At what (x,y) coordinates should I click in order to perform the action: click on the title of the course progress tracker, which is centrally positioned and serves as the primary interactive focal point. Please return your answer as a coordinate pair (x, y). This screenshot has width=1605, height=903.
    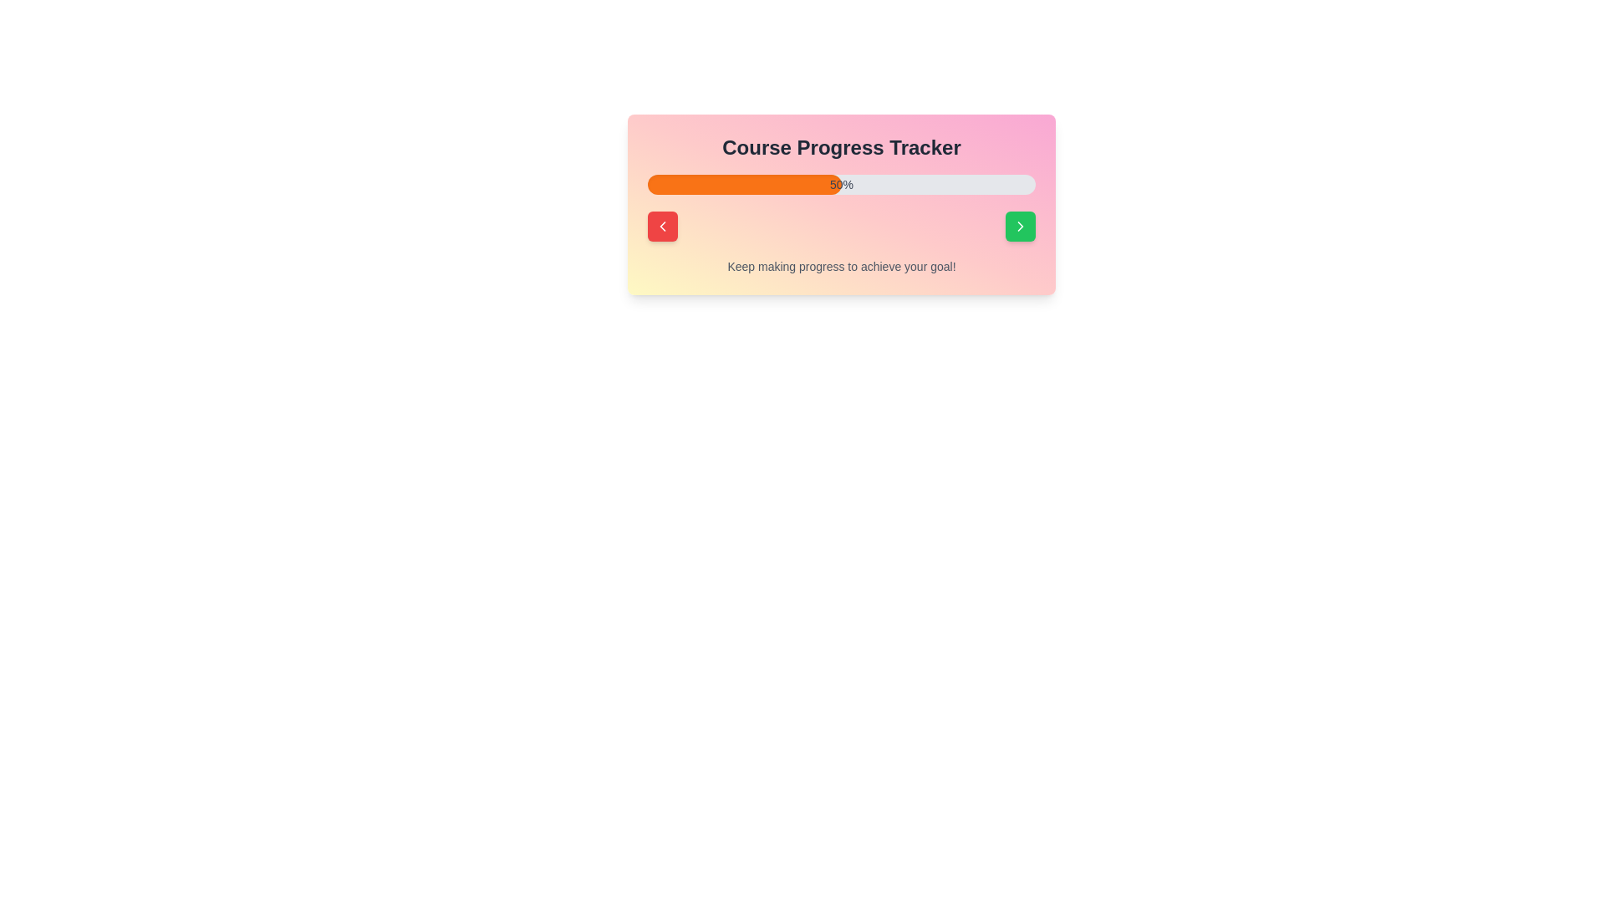
    Looking at the image, I should click on (842, 204).